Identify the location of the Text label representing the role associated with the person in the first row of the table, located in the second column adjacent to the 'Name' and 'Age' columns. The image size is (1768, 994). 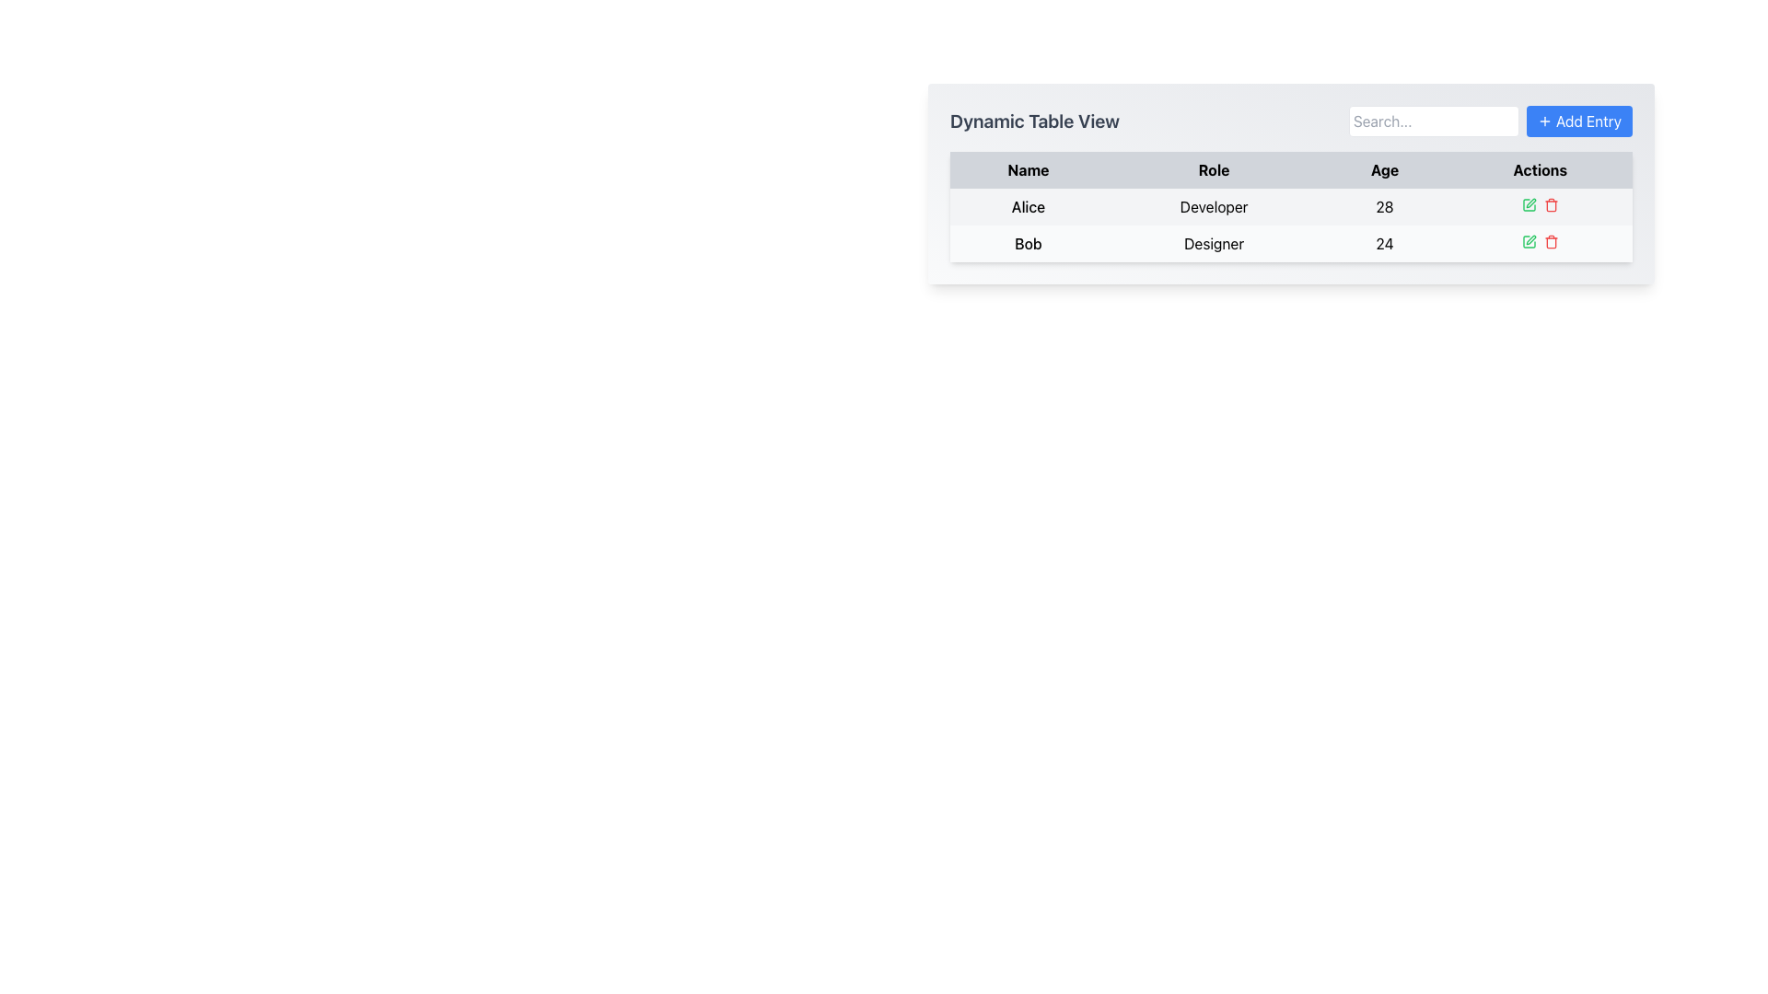
(1214, 206).